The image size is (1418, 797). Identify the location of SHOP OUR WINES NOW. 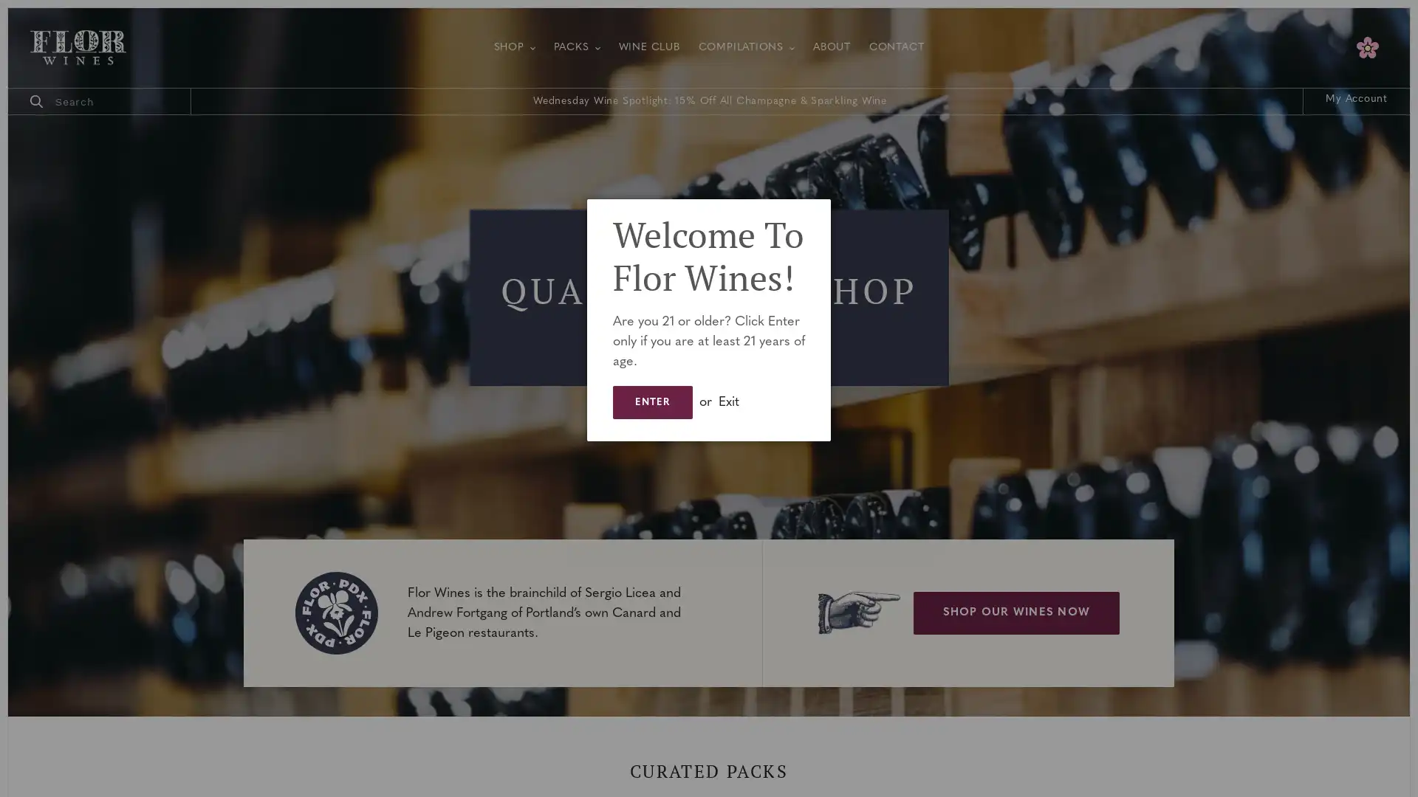
(1015, 613).